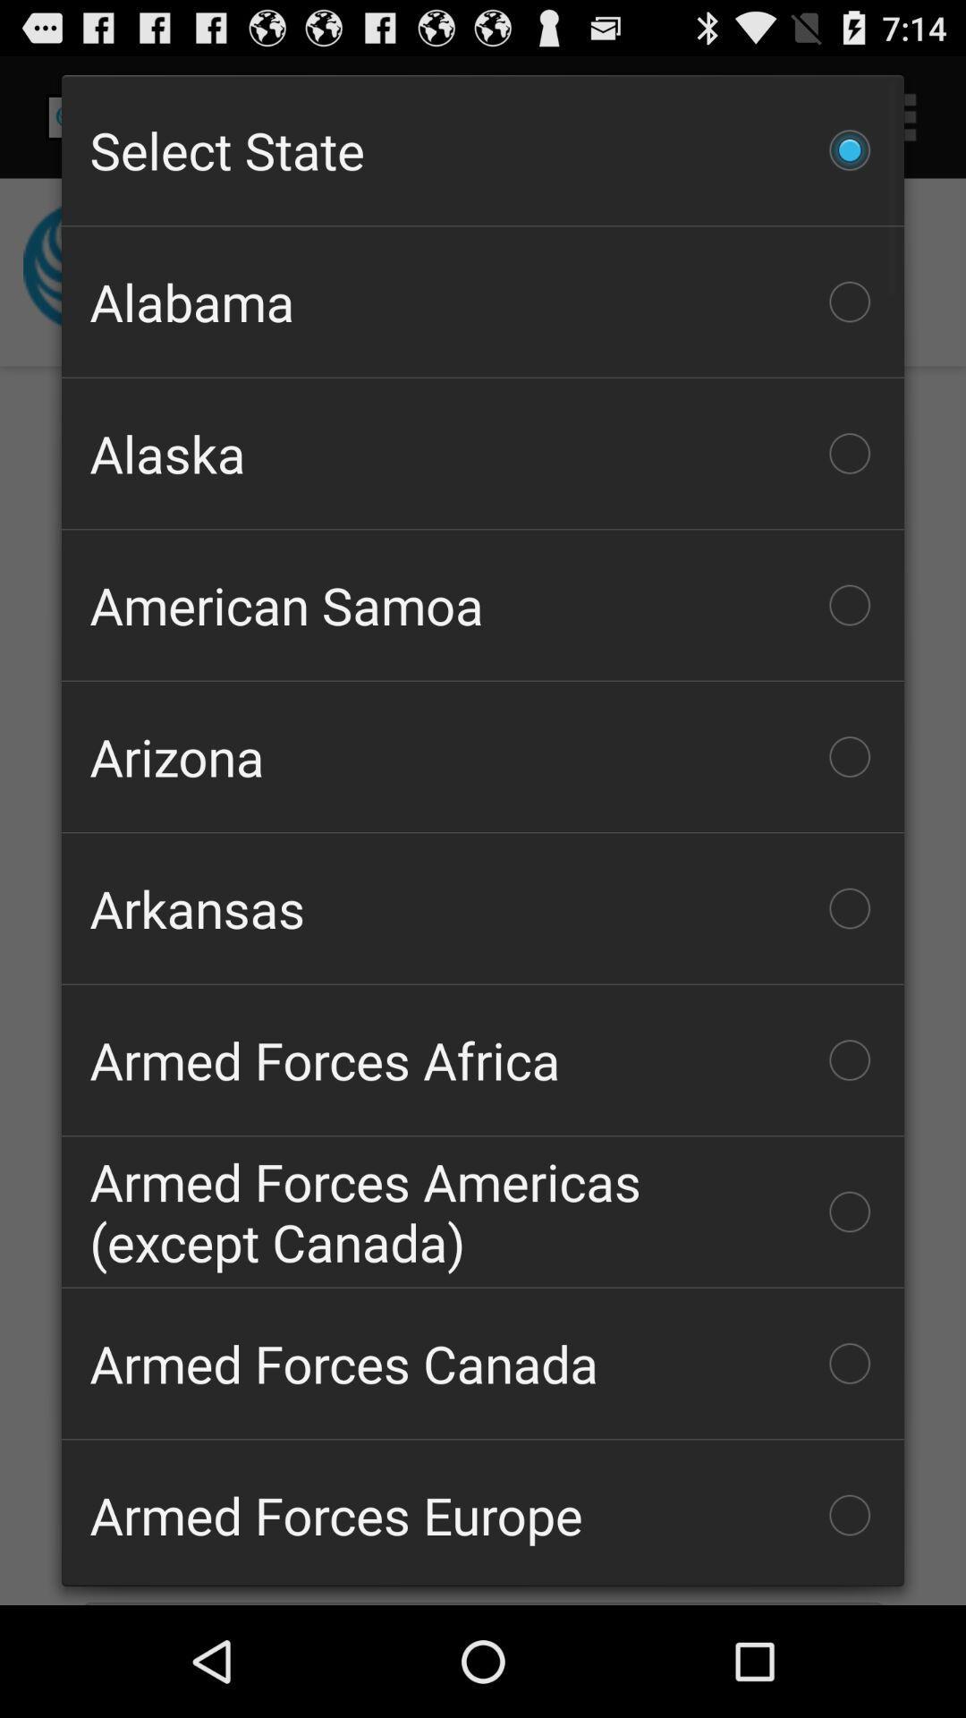 The height and width of the screenshot is (1718, 966). What do you see at coordinates (483, 605) in the screenshot?
I see `the american samoa item` at bounding box center [483, 605].